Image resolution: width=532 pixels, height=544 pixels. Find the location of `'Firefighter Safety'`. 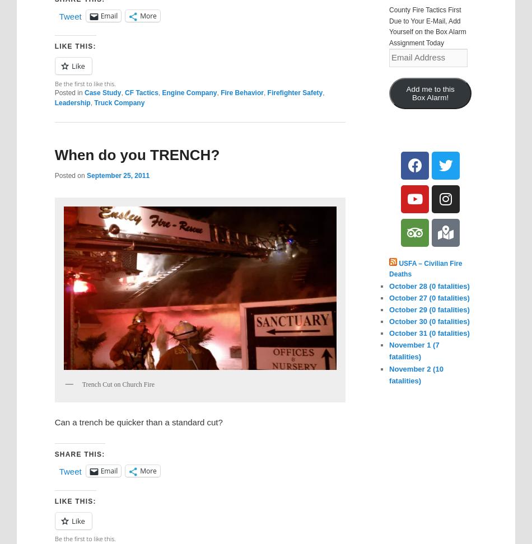

'Firefighter Safety' is located at coordinates (295, 93).